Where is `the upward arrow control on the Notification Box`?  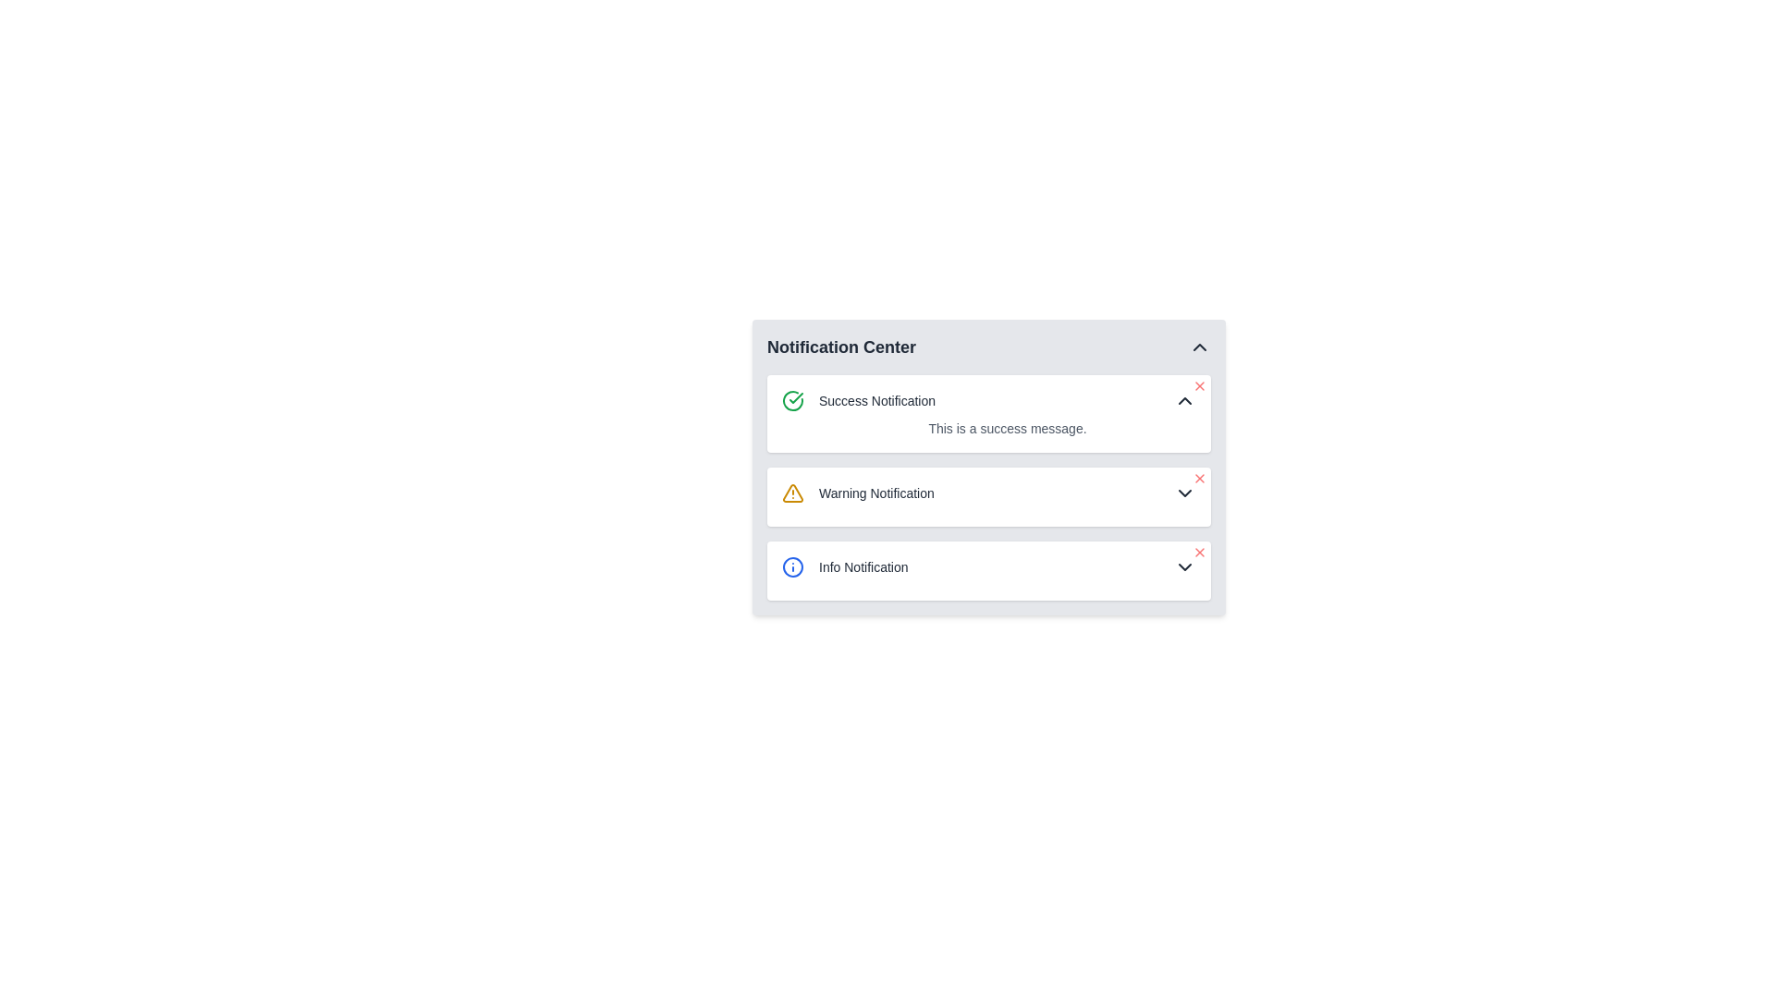 the upward arrow control on the Notification Box is located at coordinates (988, 412).